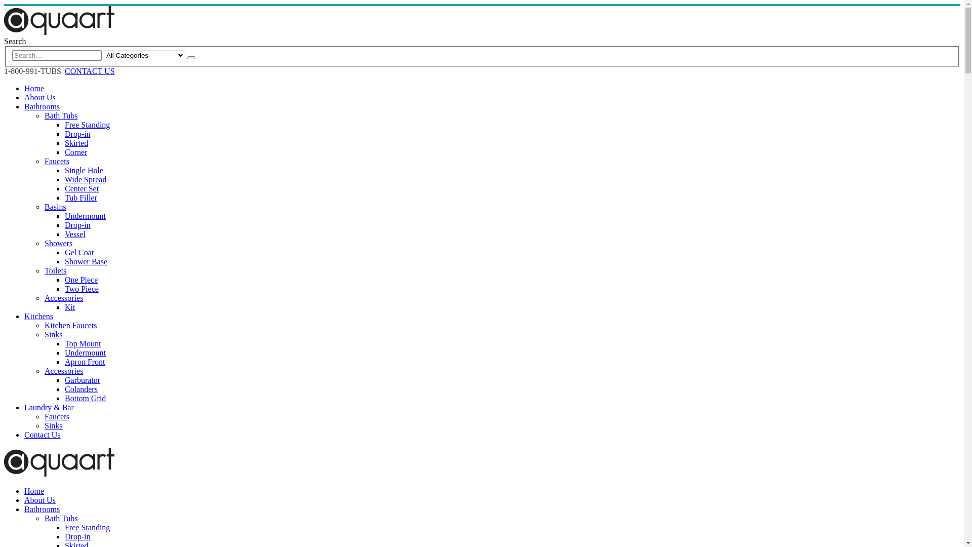 This screenshot has width=972, height=547. What do you see at coordinates (87, 124) in the screenshot?
I see `'Free Standing'` at bounding box center [87, 124].